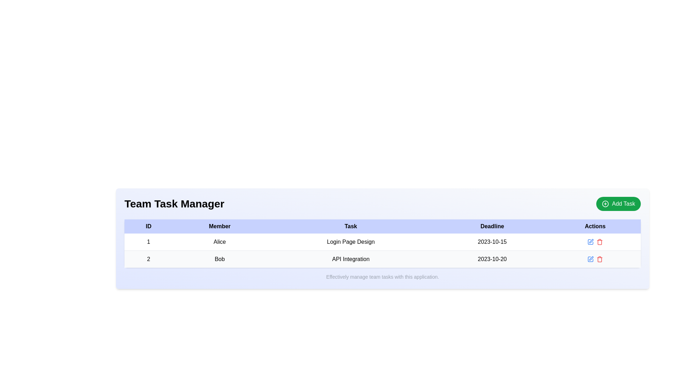 Image resolution: width=679 pixels, height=381 pixels. What do you see at coordinates (148, 242) in the screenshot?
I see `the table cell containing the text '1' in the first row of the data table under the 'ID' column` at bounding box center [148, 242].